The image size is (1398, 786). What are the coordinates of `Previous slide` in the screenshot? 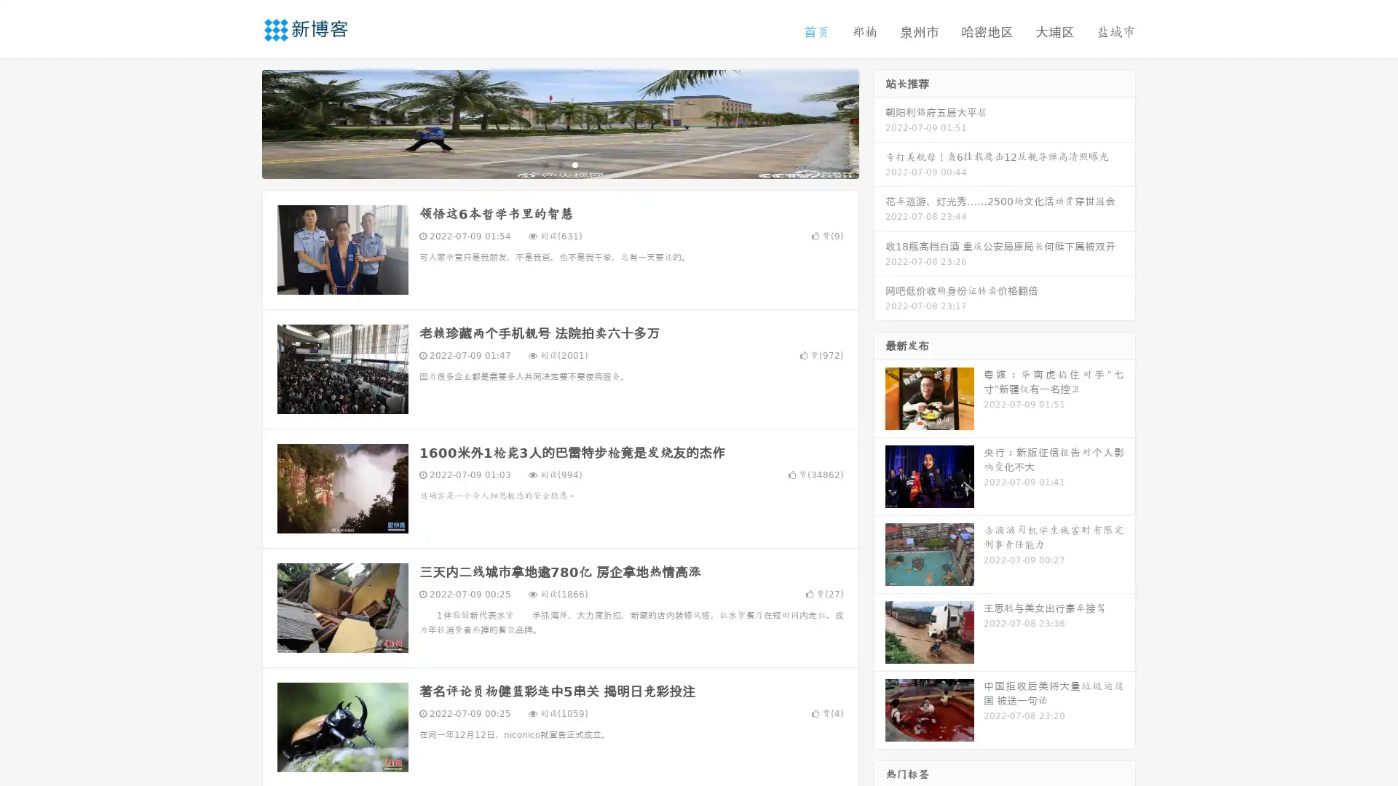 It's located at (240, 122).